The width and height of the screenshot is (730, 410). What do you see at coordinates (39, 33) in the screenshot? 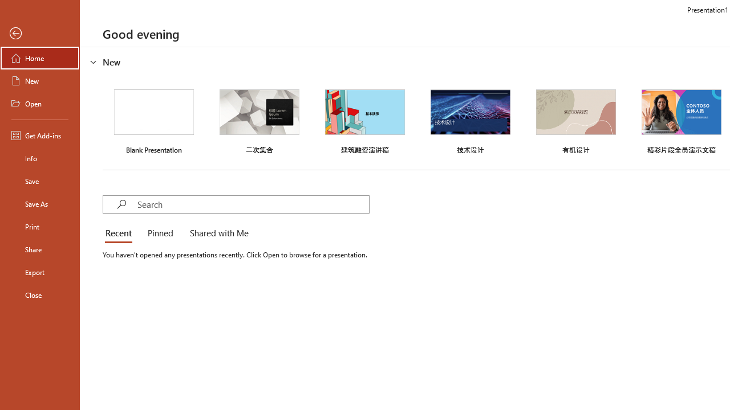
I see `'Back'` at bounding box center [39, 33].